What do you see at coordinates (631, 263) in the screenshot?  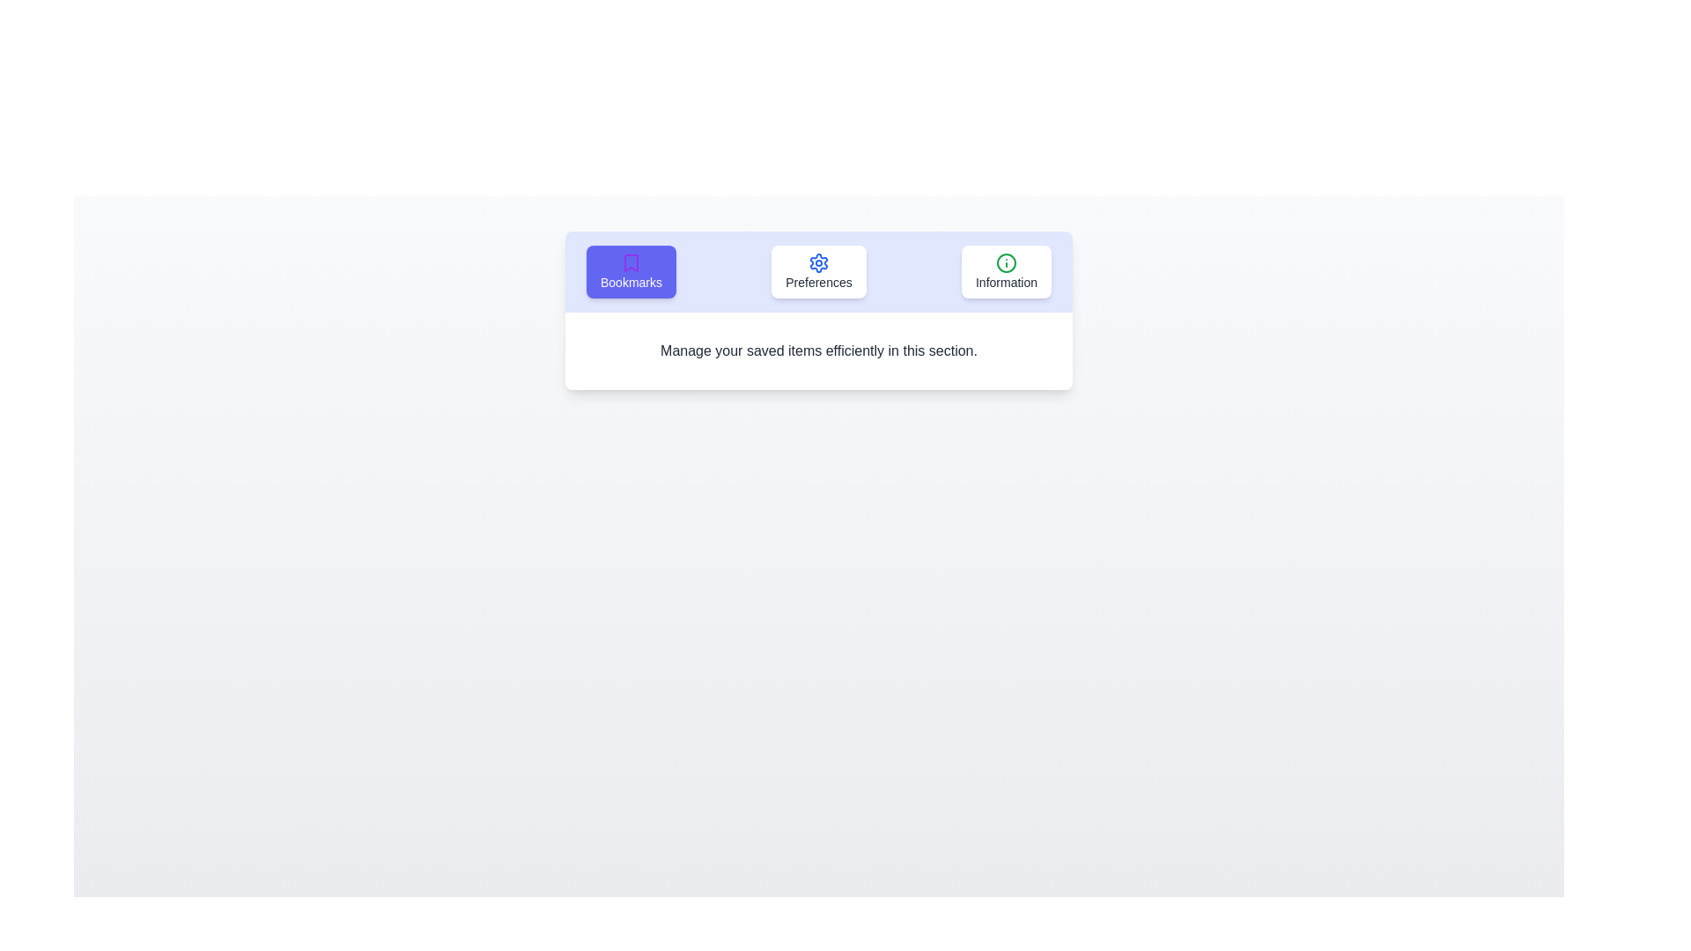 I see `the icon of the Bookmarks tab` at bounding box center [631, 263].